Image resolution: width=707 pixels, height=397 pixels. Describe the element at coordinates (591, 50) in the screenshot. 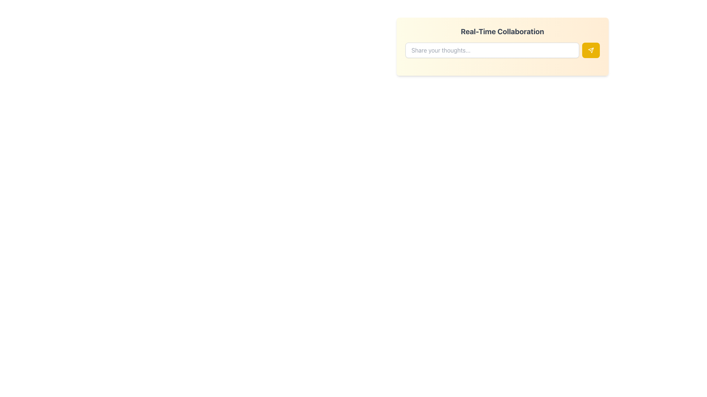

I see `the icon within the button located at the right edge of the text input field titled 'Real-Time Collaboration'` at that location.